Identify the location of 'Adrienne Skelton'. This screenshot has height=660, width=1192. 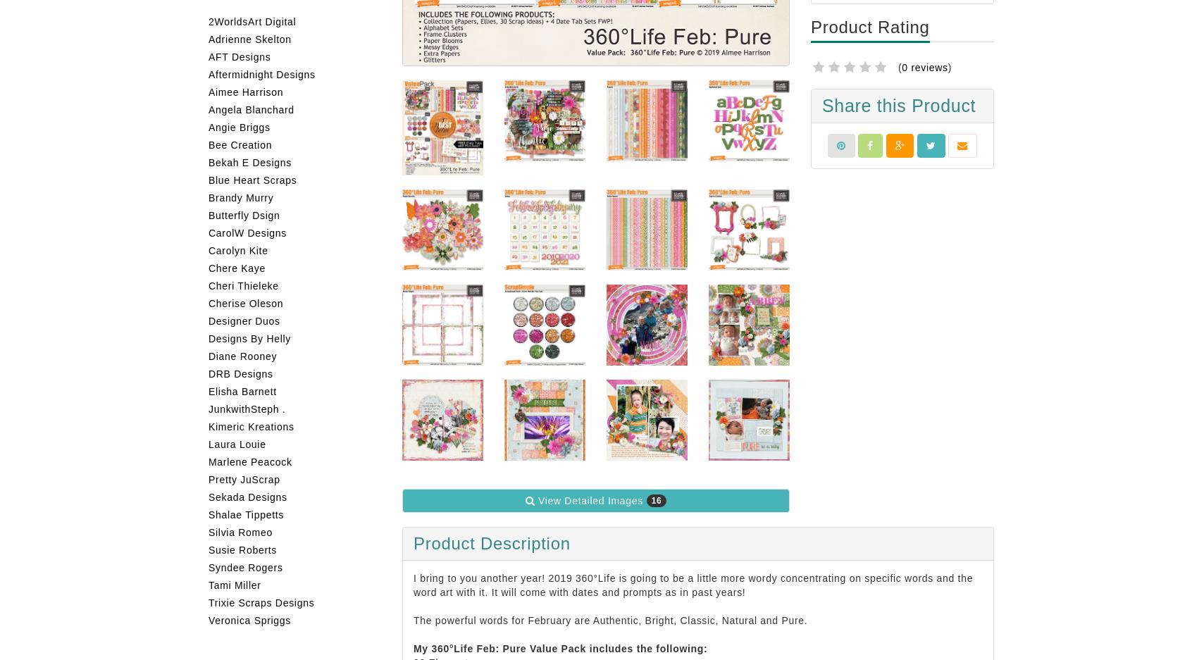
(249, 39).